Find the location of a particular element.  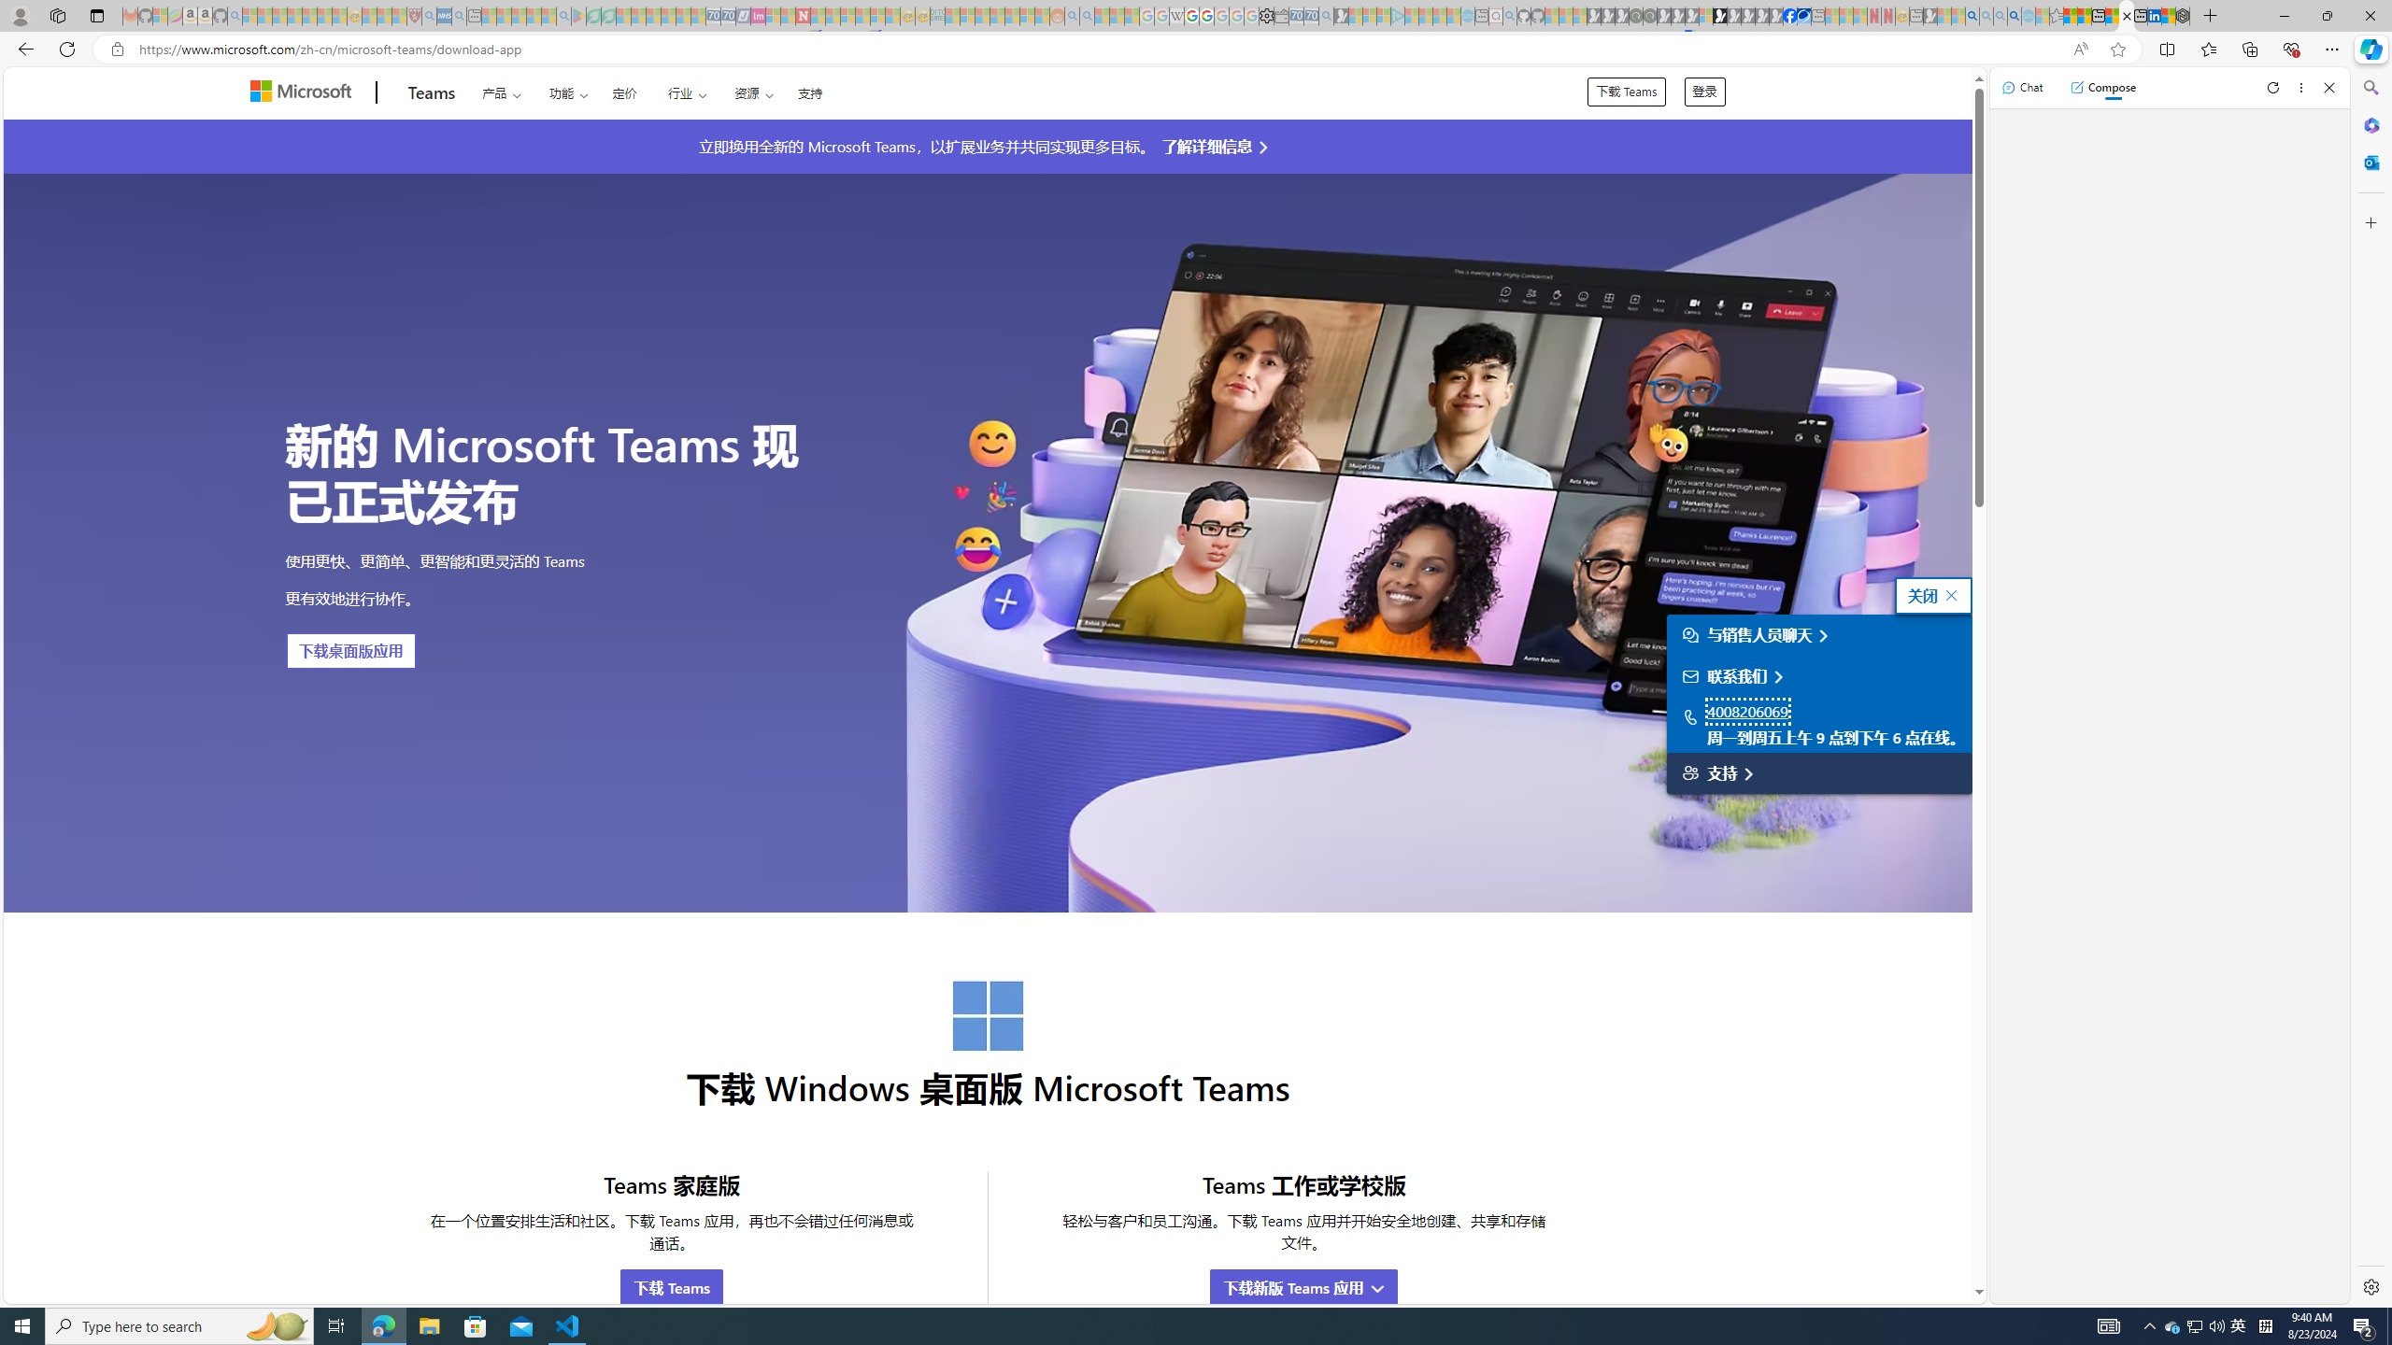

'Future Focus Report 2024 - Sleeping' is located at coordinates (1649, 15).